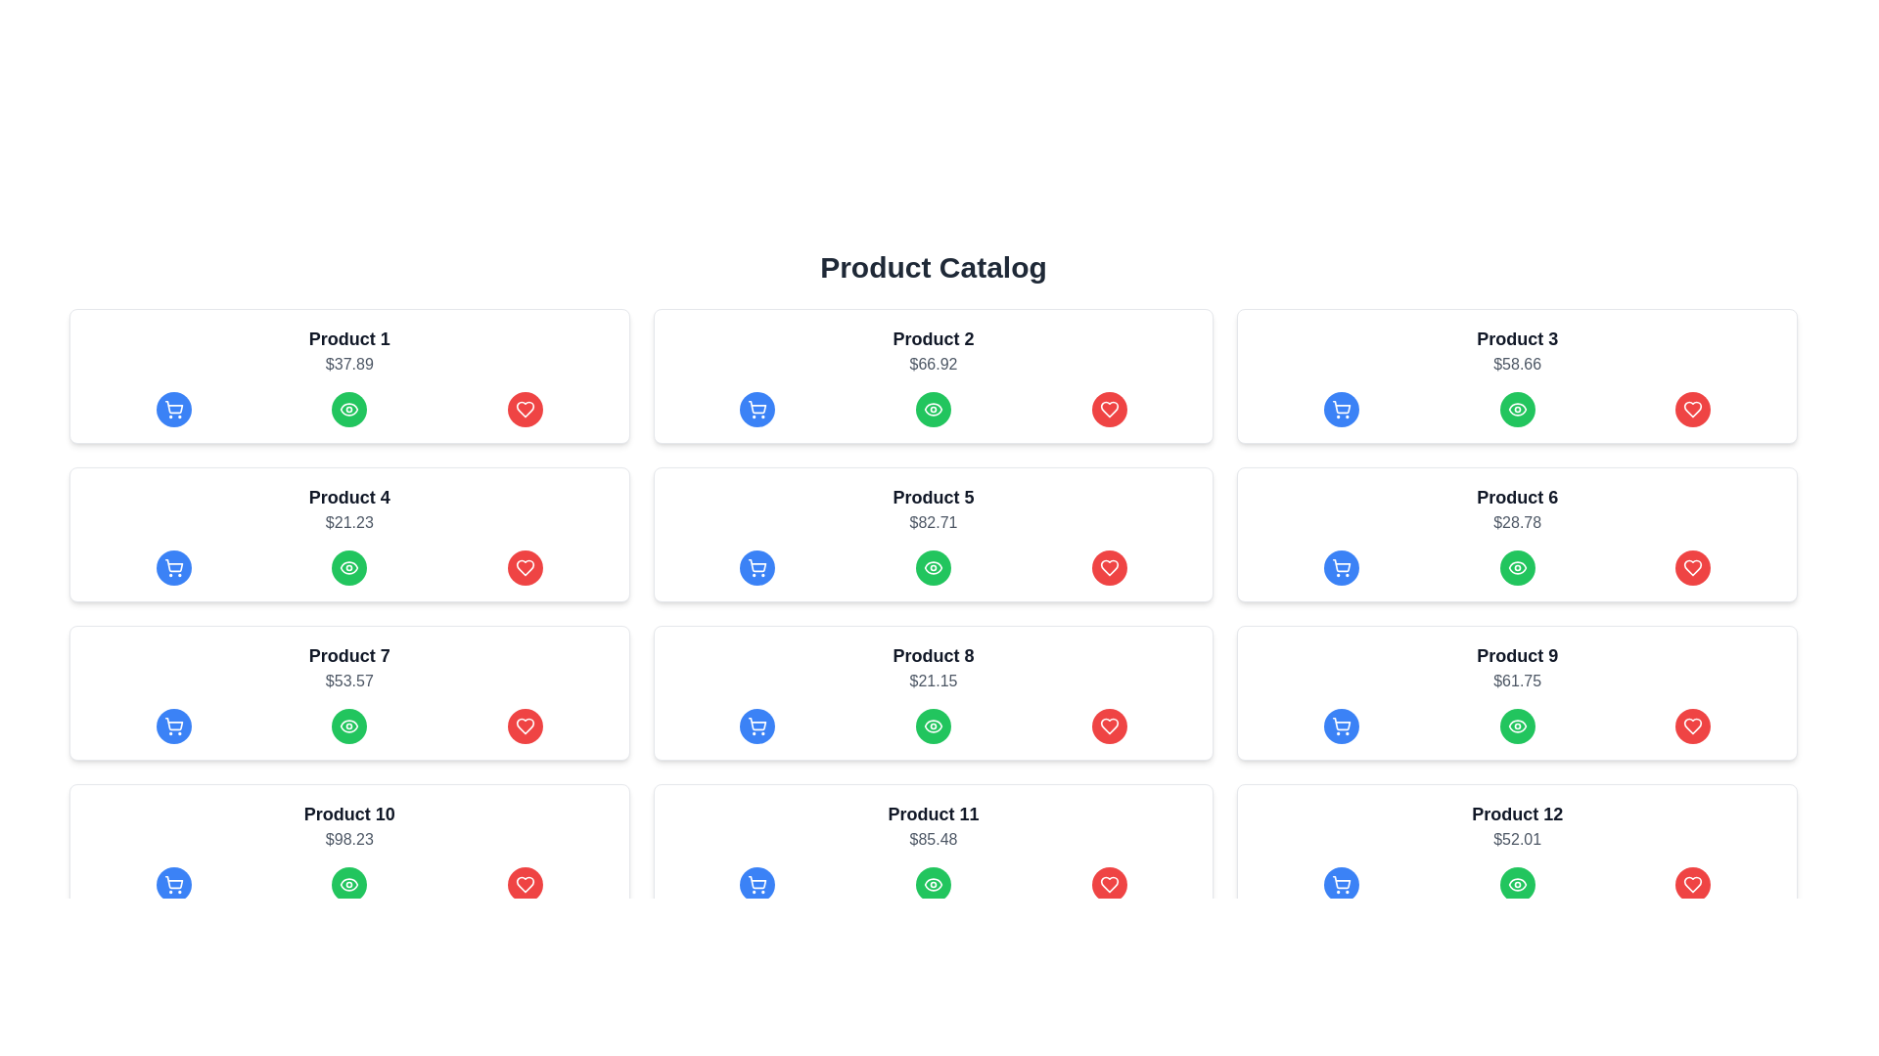 Image resolution: width=1879 pixels, height=1056 pixels. What do you see at coordinates (933, 365) in the screenshot?
I see `the text label displaying the price '$66.92', which is located beneath the title 'Product 2' on the second card in the first row of the product grid` at bounding box center [933, 365].